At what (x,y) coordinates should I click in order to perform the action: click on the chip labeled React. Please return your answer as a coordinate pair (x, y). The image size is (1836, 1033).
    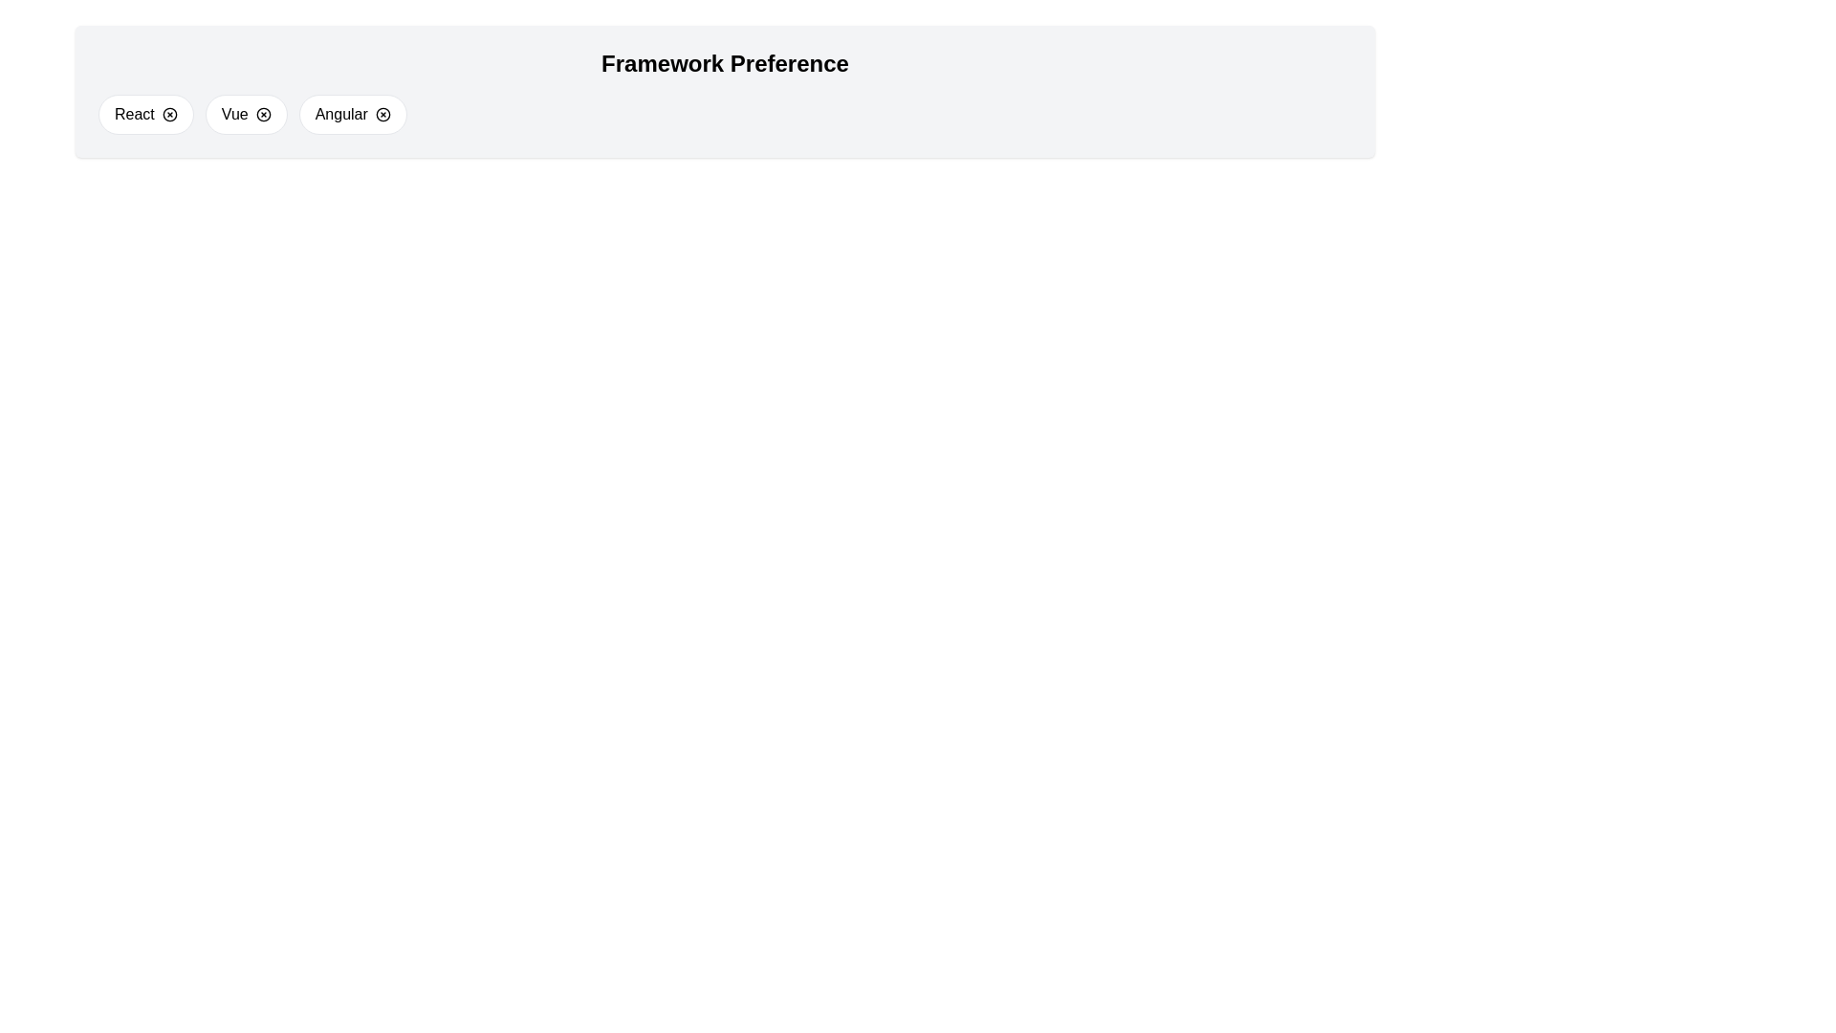
    Looking at the image, I should click on (144, 114).